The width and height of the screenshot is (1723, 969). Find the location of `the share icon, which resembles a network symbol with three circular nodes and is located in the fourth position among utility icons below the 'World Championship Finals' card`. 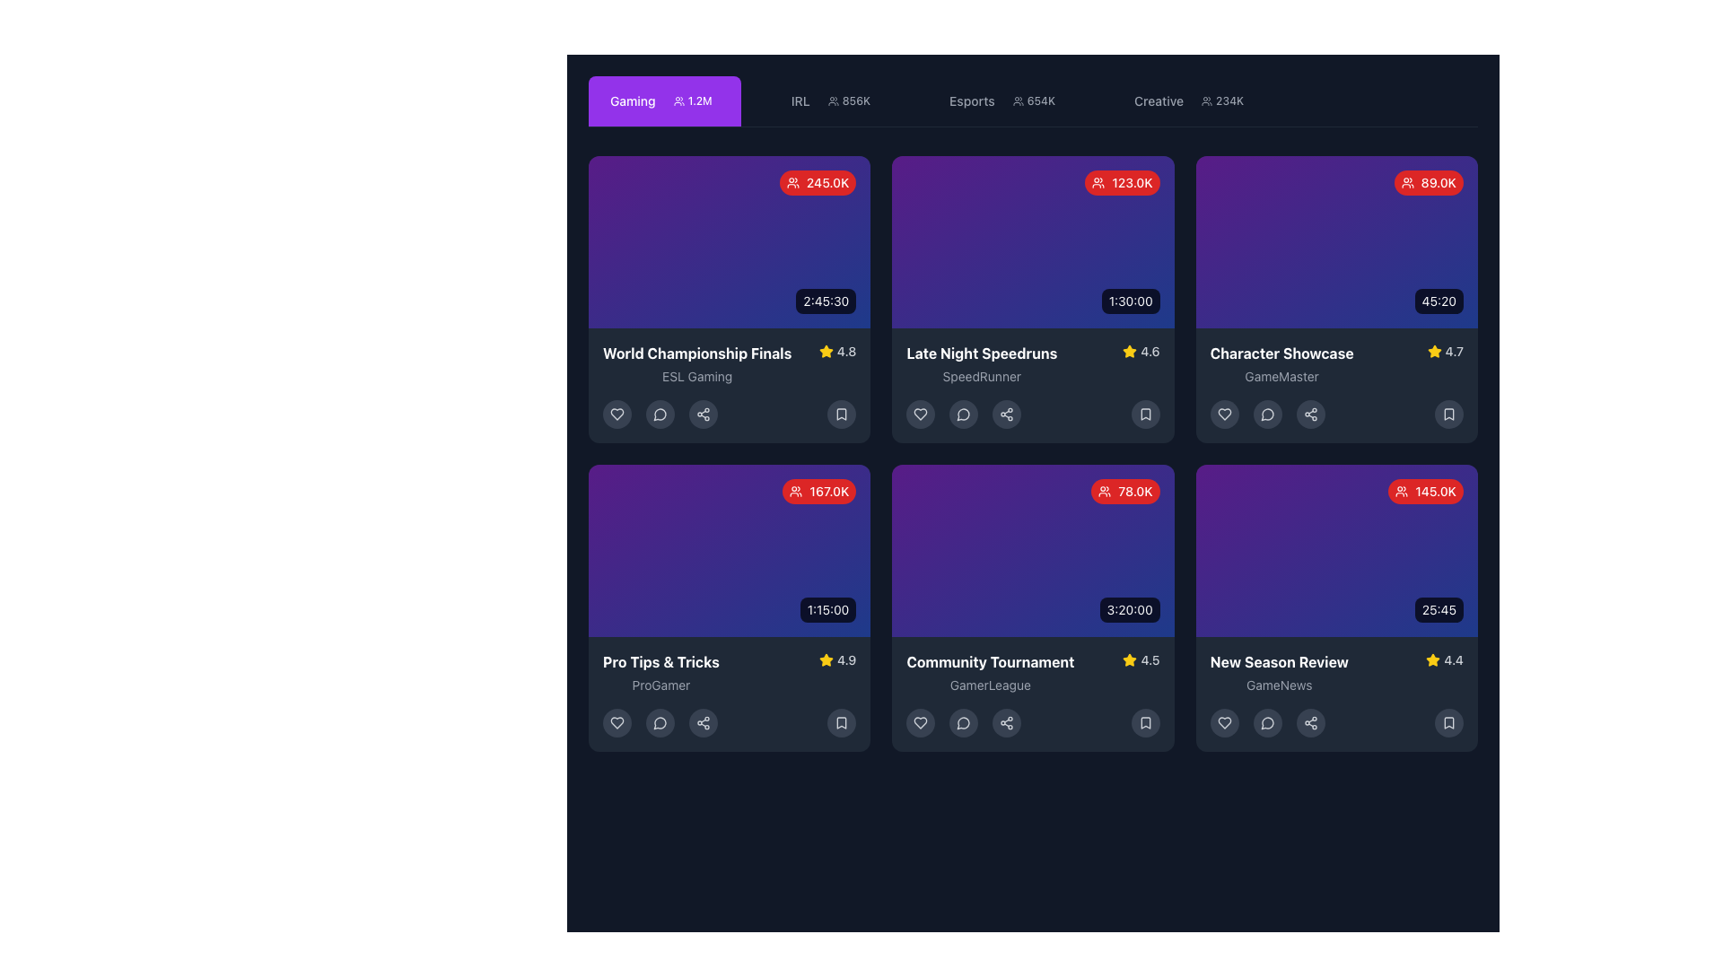

the share icon, which resembles a network symbol with three circular nodes and is located in the fourth position among utility icons below the 'World Championship Finals' card is located at coordinates (702, 415).